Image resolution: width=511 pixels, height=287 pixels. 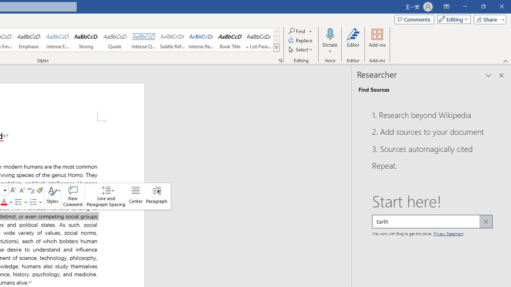 I want to click on 'Subtle Reference', so click(x=172, y=40).